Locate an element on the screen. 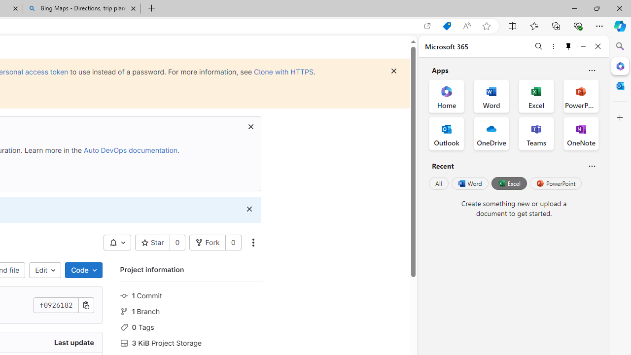  'Word' is located at coordinates (469, 183).